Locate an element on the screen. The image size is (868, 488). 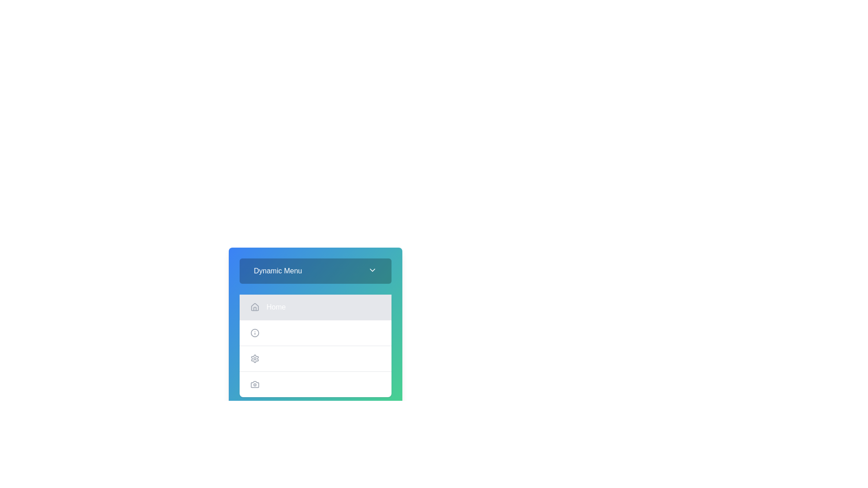
the dropdown menu trigger button located at the top of the section is located at coordinates (315, 271).